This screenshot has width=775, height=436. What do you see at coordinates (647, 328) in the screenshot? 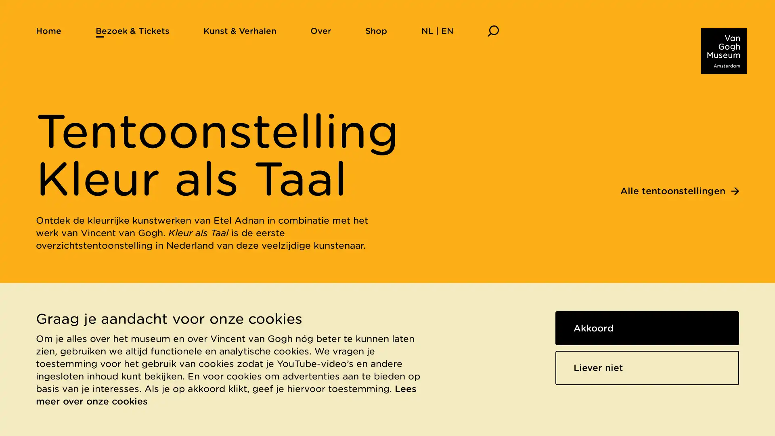
I see `Akkoord` at bounding box center [647, 328].